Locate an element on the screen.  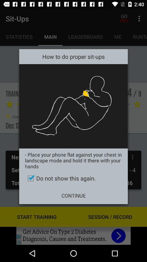
app below place your phone app is located at coordinates (73, 178).